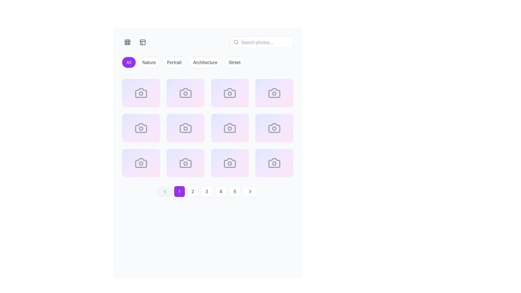 The image size is (521, 293). What do you see at coordinates (156, 168) in the screenshot?
I see `the rightmost button in the horizontal row of three buttons, which is used to perform a 'view' or 'preview' action, to observe its hover visual effect` at bounding box center [156, 168].